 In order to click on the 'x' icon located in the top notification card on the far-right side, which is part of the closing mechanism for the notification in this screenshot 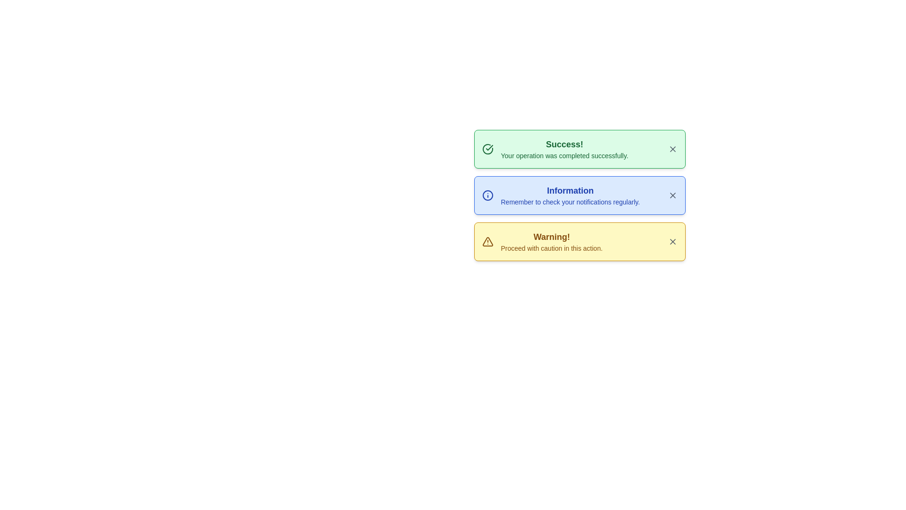, I will do `click(672, 149)`.